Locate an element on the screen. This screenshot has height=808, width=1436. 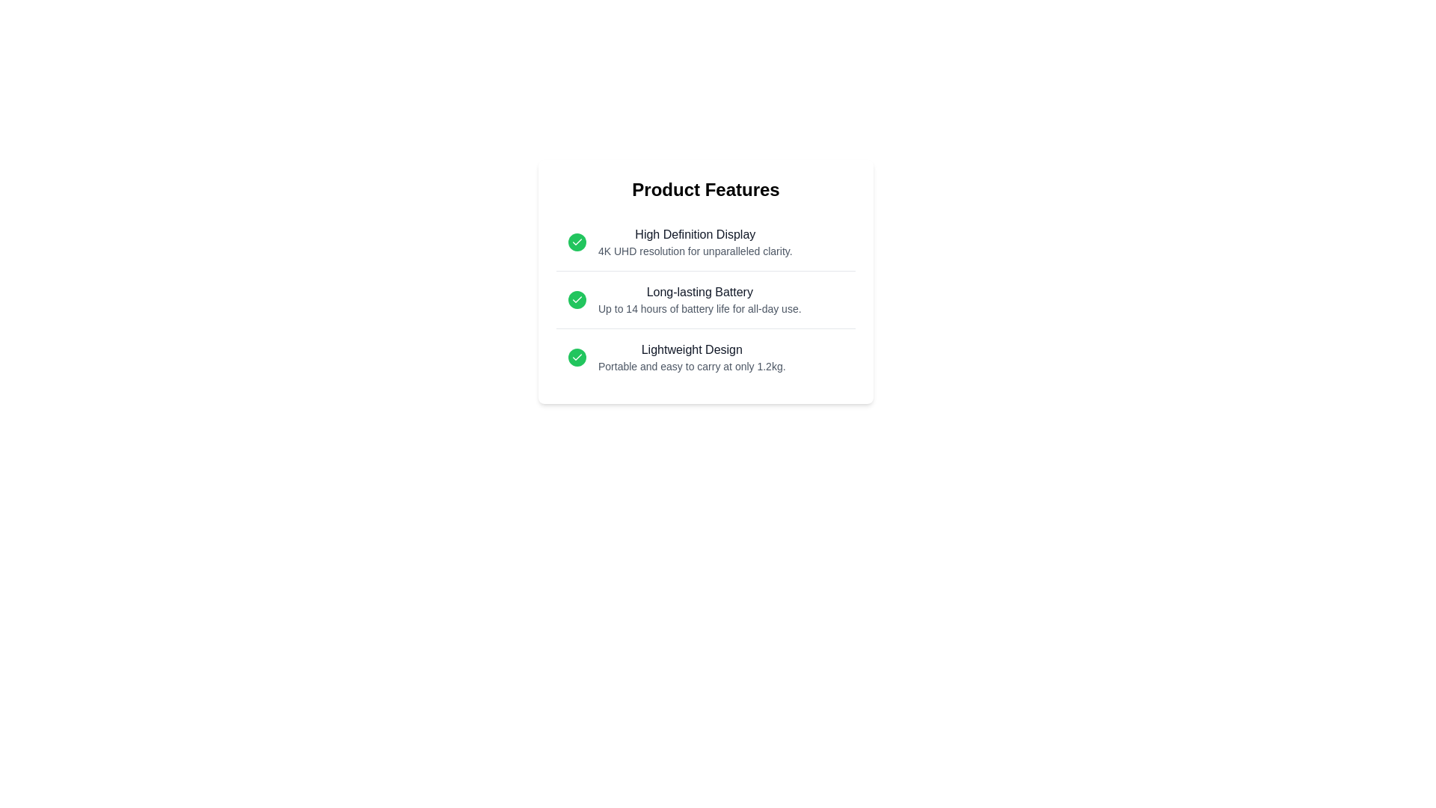
the checklist item corresponding to Long-lasting Battery is located at coordinates (705, 300).